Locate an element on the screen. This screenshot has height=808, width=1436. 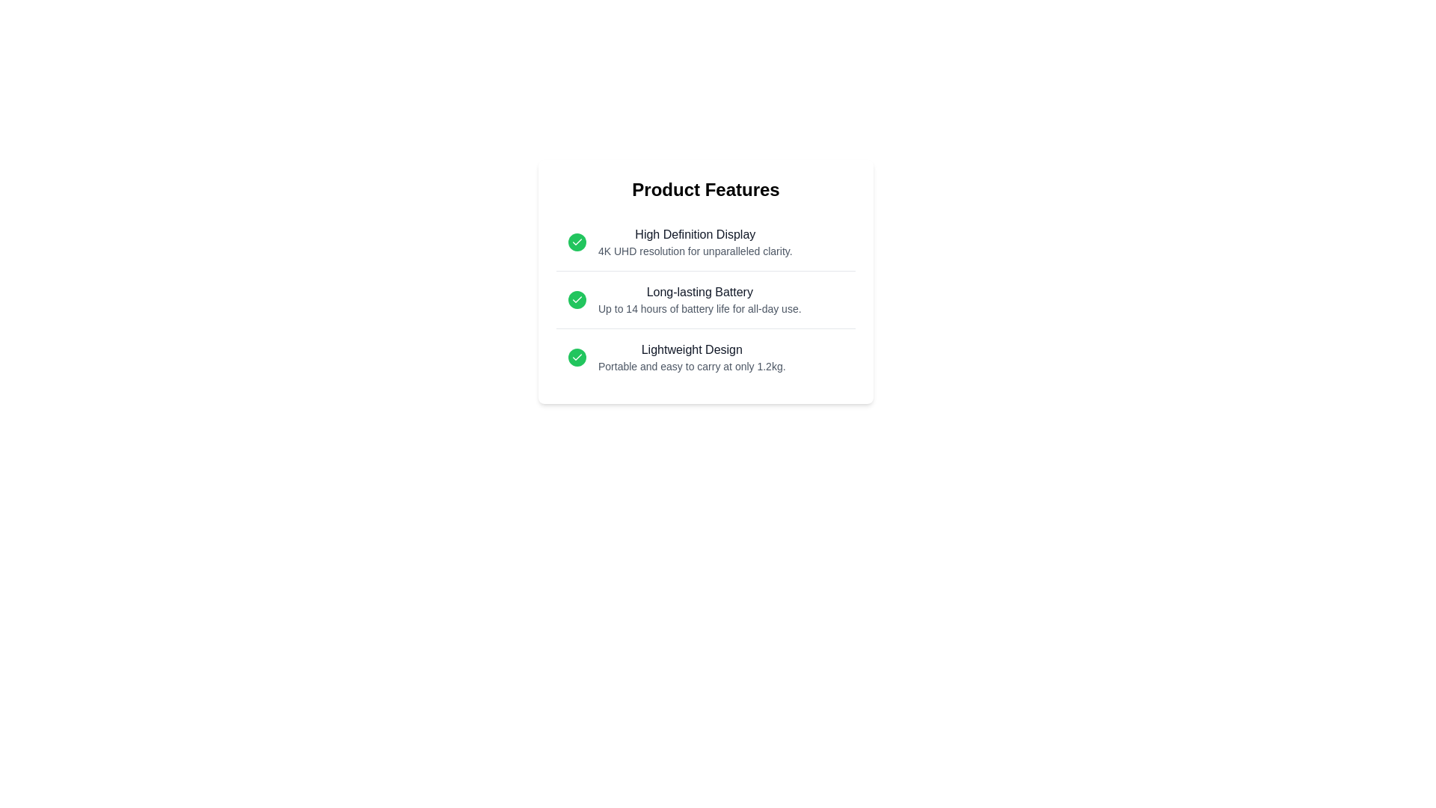
the checklist item corresponding to Long-lasting Battery is located at coordinates (705, 300).